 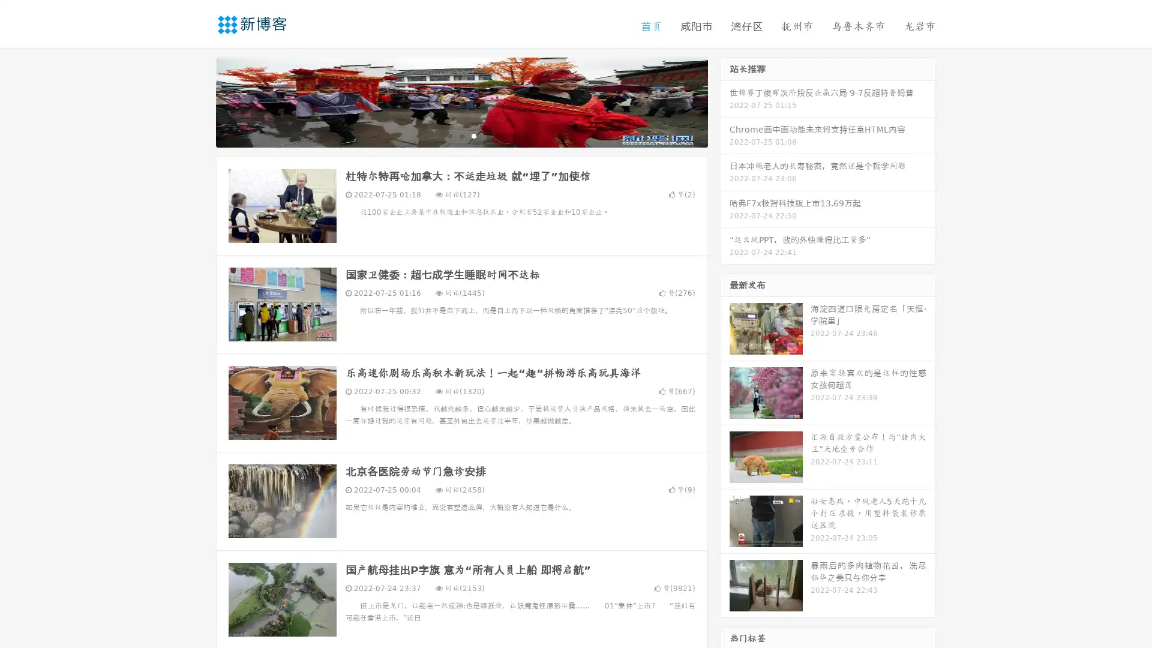 I want to click on Previous slide, so click(x=198, y=101).